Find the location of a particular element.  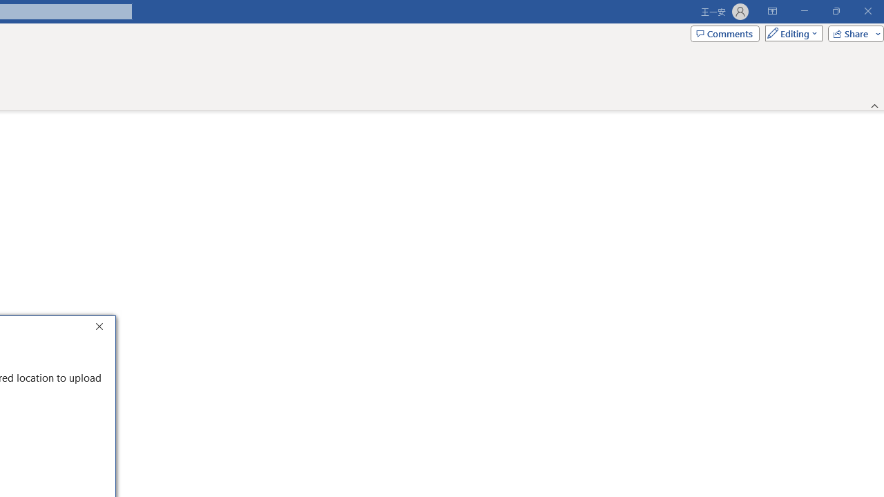

'Close' is located at coordinates (102, 328).